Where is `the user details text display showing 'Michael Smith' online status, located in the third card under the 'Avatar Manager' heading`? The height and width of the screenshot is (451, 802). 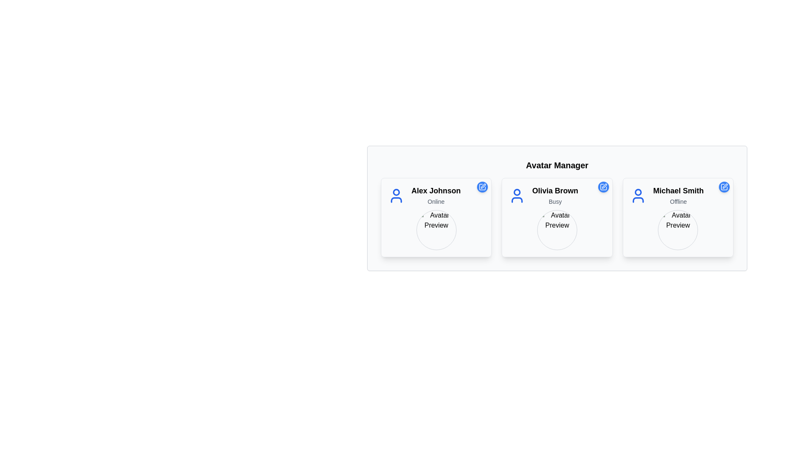 the user details text display showing 'Michael Smith' online status, located in the third card under the 'Avatar Manager' heading is located at coordinates (678, 196).